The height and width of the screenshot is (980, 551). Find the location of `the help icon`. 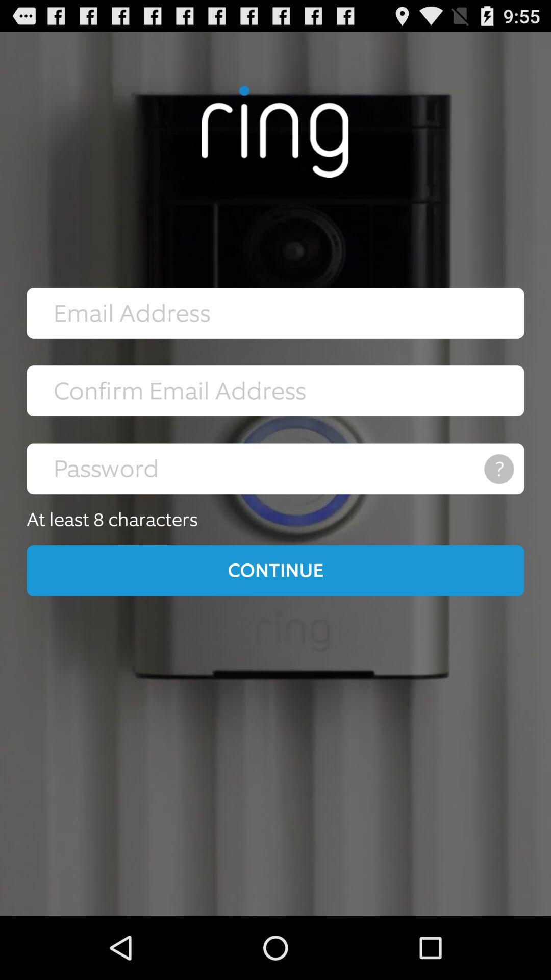

the help icon is located at coordinates (498, 501).